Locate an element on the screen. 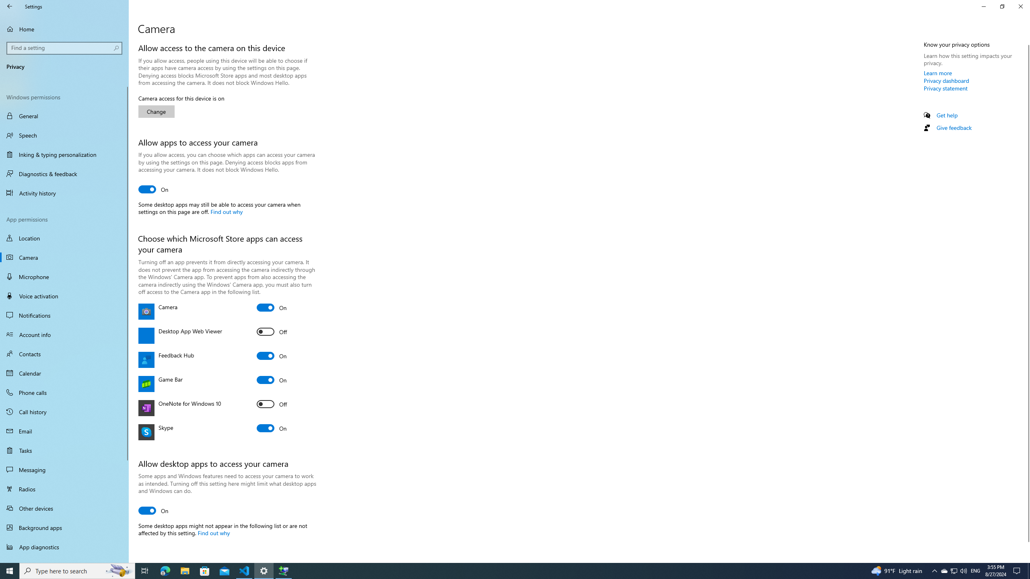  'Microphone' is located at coordinates (64, 276).